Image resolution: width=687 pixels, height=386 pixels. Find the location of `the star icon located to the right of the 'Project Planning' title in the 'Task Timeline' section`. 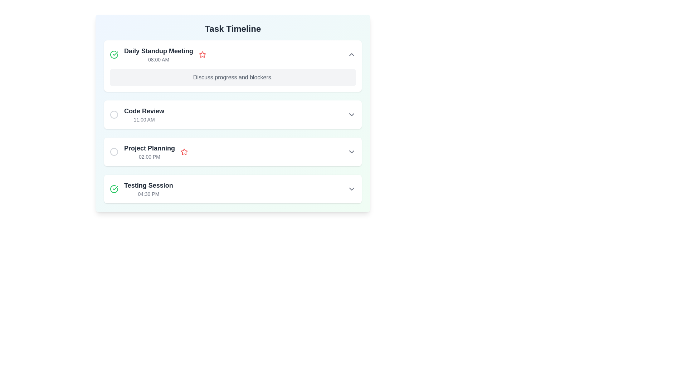

the star icon located to the right of the 'Project Planning' title in the 'Task Timeline' section is located at coordinates (184, 151).